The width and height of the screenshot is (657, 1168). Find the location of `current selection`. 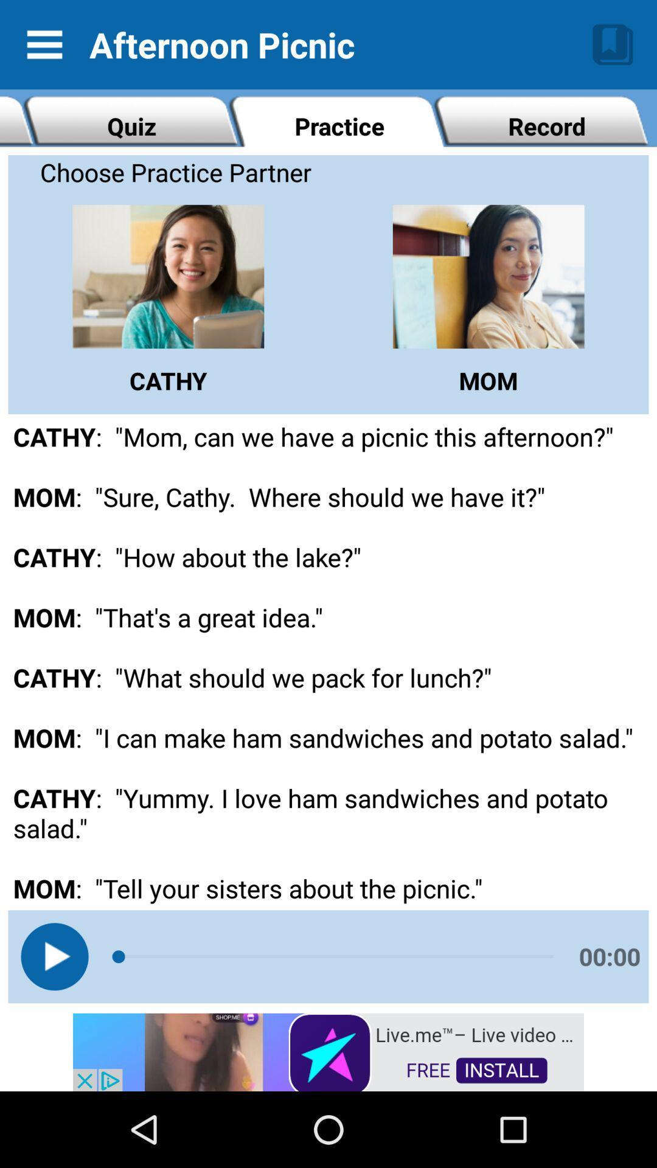

current selection is located at coordinates (54, 956).